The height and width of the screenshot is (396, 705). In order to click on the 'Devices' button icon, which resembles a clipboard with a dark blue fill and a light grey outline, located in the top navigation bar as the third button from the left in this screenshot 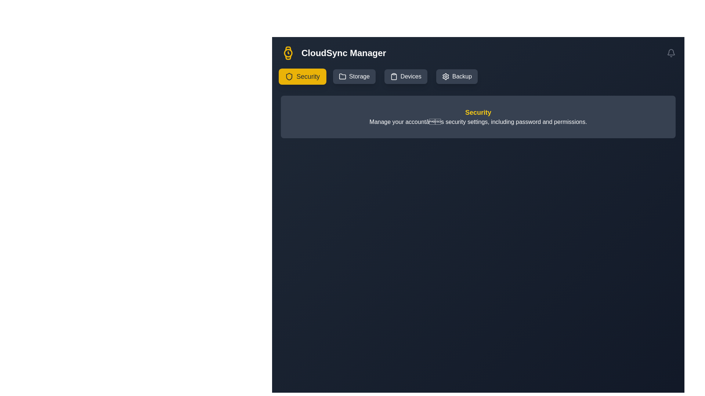, I will do `click(393, 77)`.